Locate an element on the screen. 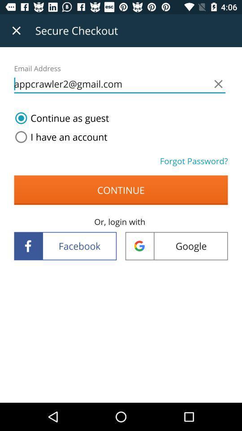 This screenshot has width=242, height=431. the continue as guest item is located at coordinates (60, 118).